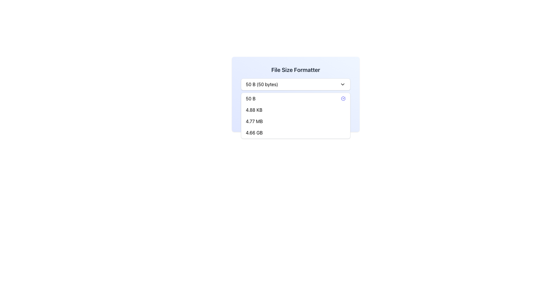 This screenshot has height=307, width=547. I want to click on the dropdown list item labeled '4.88 KB', which is the second option in the dropdown menu for selecting file size formats, so click(295, 110).